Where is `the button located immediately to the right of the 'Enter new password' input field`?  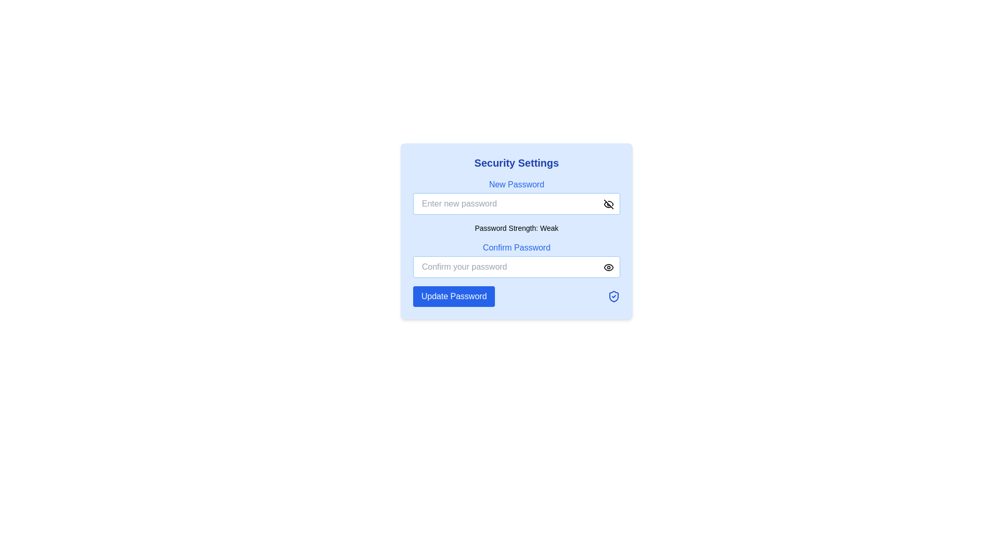
the button located immediately to the right of the 'Enter new password' input field is located at coordinates (609, 204).